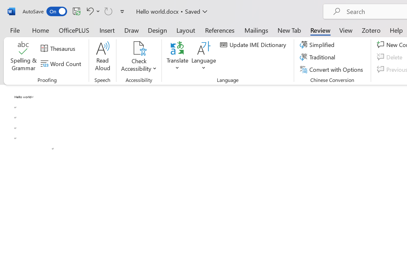  Describe the element at coordinates (204, 57) in the screenshot. I see `'Language'` at that location.